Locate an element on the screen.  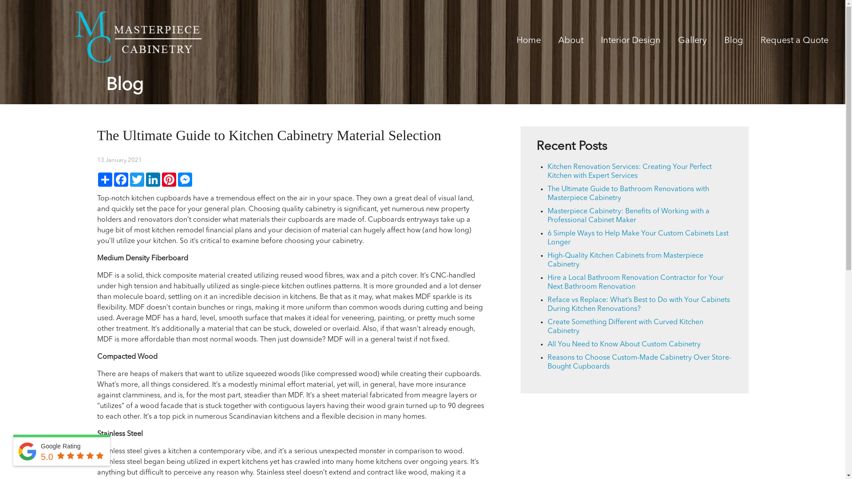
'Interior Design' is located at coordinates (630, 42).